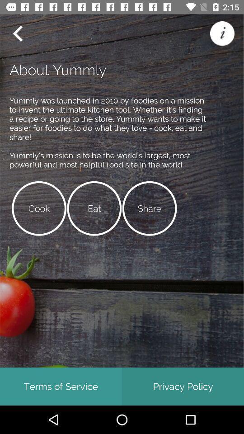 Image resolution: width=244 pixels, height=434 pixels. I want to click on the info icon, so click(221, 33).